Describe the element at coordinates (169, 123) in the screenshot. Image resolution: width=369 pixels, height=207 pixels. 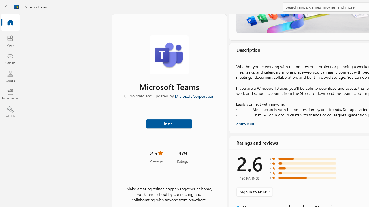
I see `'Install'` at that location.